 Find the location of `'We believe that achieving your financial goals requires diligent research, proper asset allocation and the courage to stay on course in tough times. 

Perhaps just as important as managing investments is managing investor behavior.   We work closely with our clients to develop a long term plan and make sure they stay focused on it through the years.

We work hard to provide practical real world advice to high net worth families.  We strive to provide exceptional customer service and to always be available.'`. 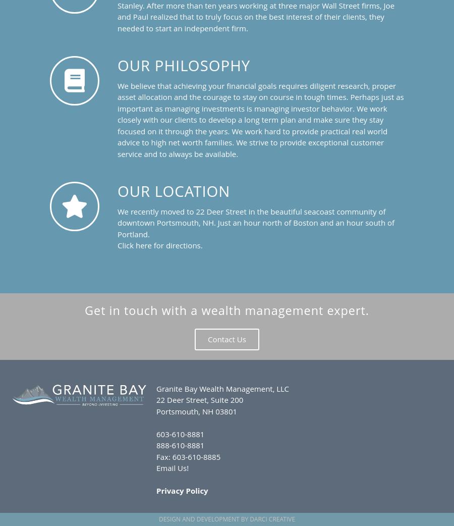

'We believe that achieving your financial goals requires diligent research, proper asset allocation and the courage to stay on course in tough times. 

Perhaps just as important as managing investments is managing investor behavior.   We work closely with our clients to develop a long term plan and make sure they stay focused on it through the years.

We work hard to provide practical real world advice to high net worth families.  We strive to provide exceptional customer service and to always be available.' is located at coordinates (260, 119).